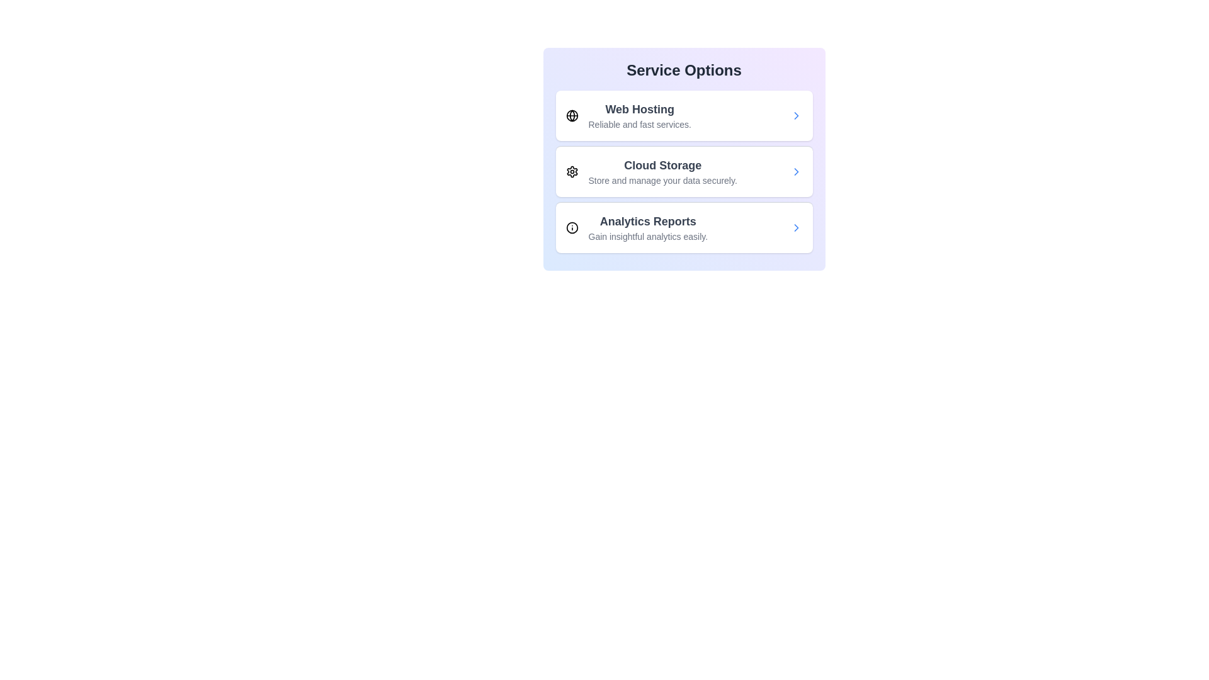 This screenshot has height=680, width=1209. Describe the element at coordinates (795, 116) in the screenshot. I see `the arrow button for the service Web Hosting` at that location.